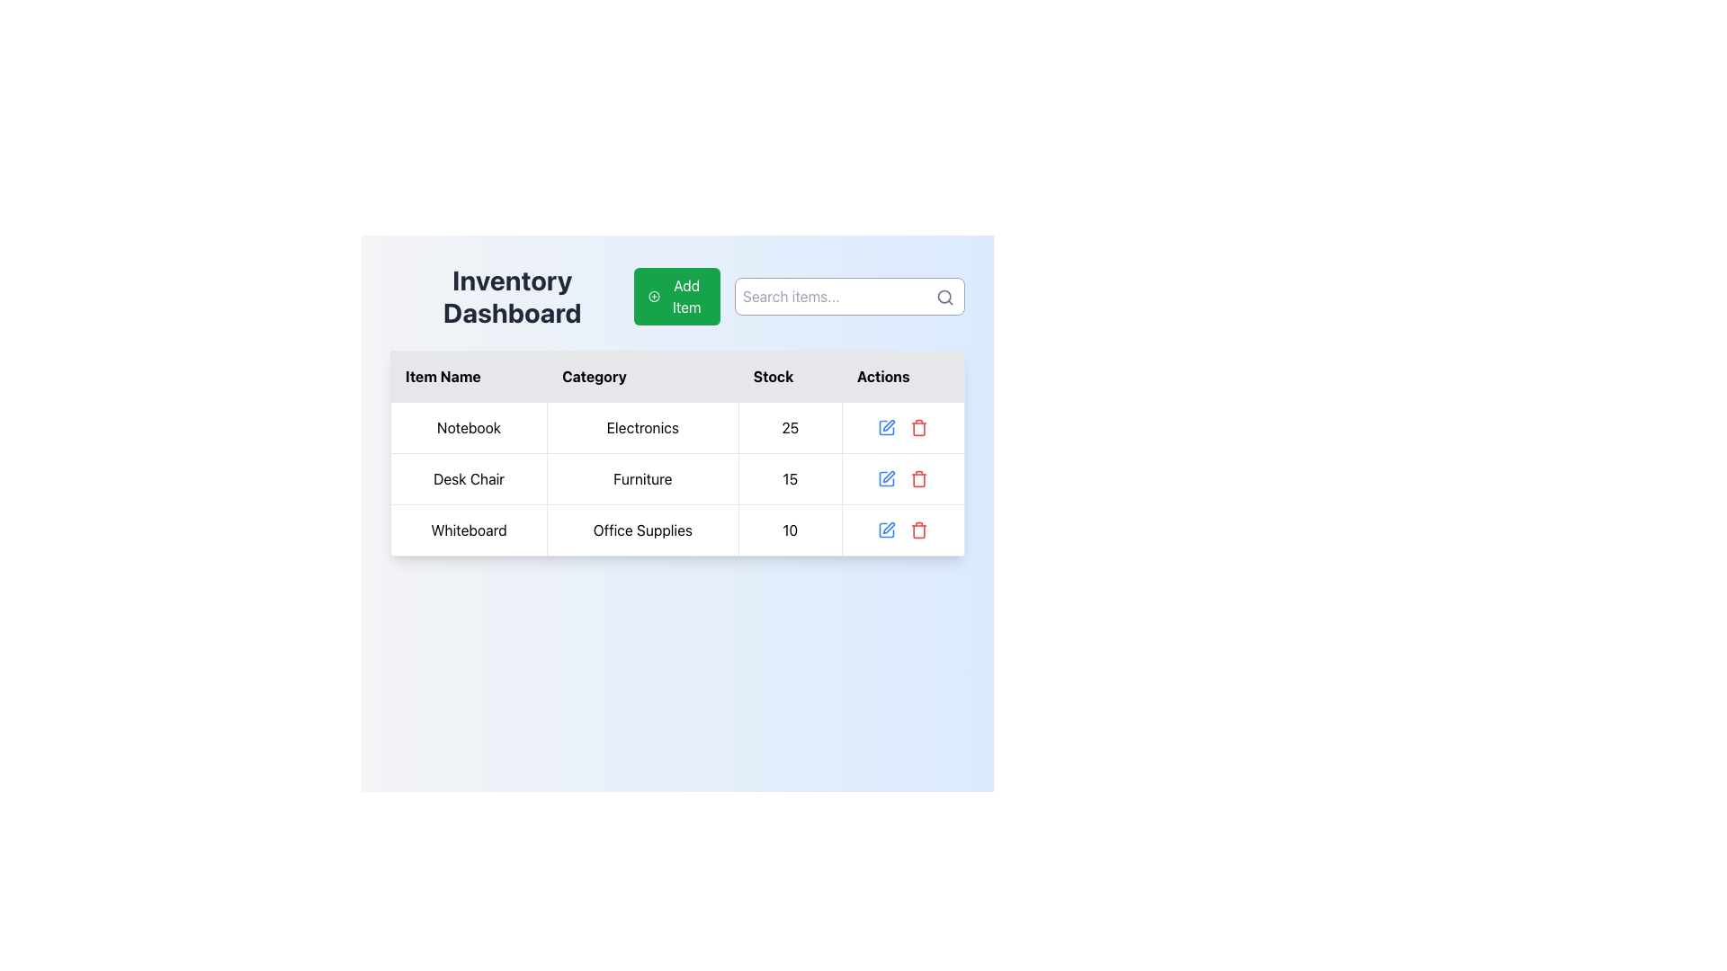  What do you see at coordinates (469, 376) in the screenshot?
I see `the 'Item Name' header label of the table, which indicates that the data beneath it corresponds to item names` at bounding box center [469, 376].